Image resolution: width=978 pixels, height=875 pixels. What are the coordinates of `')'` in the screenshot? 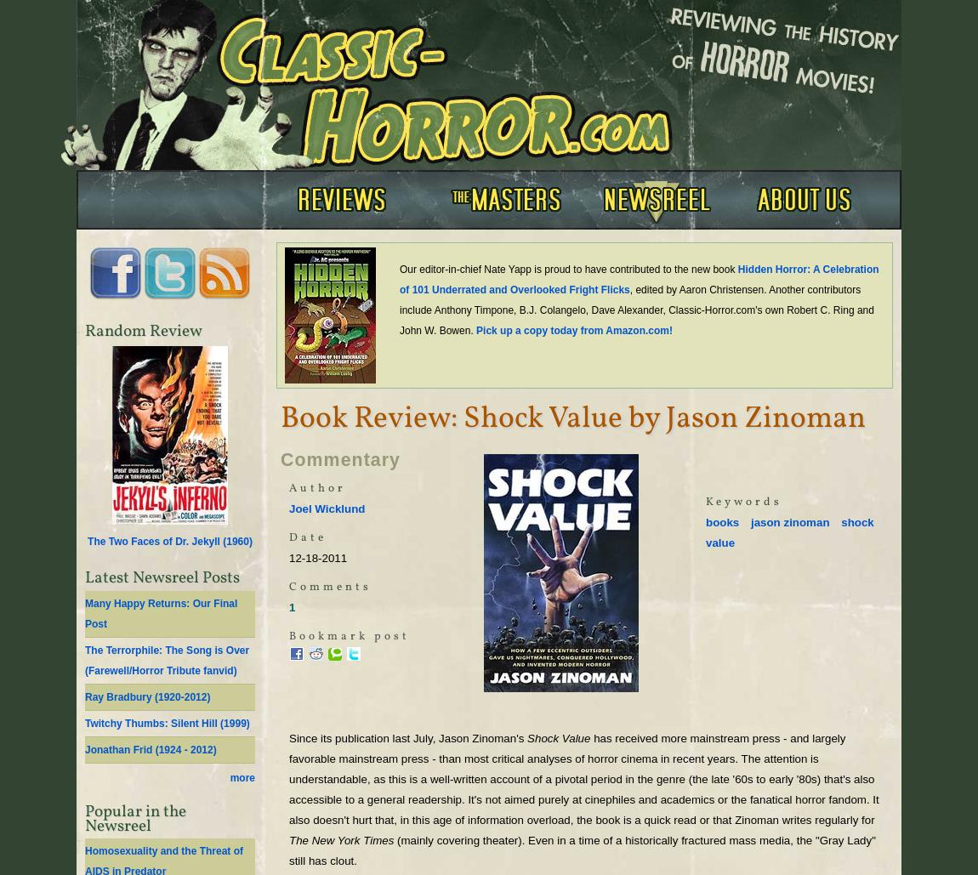 It's located at (250, 541).